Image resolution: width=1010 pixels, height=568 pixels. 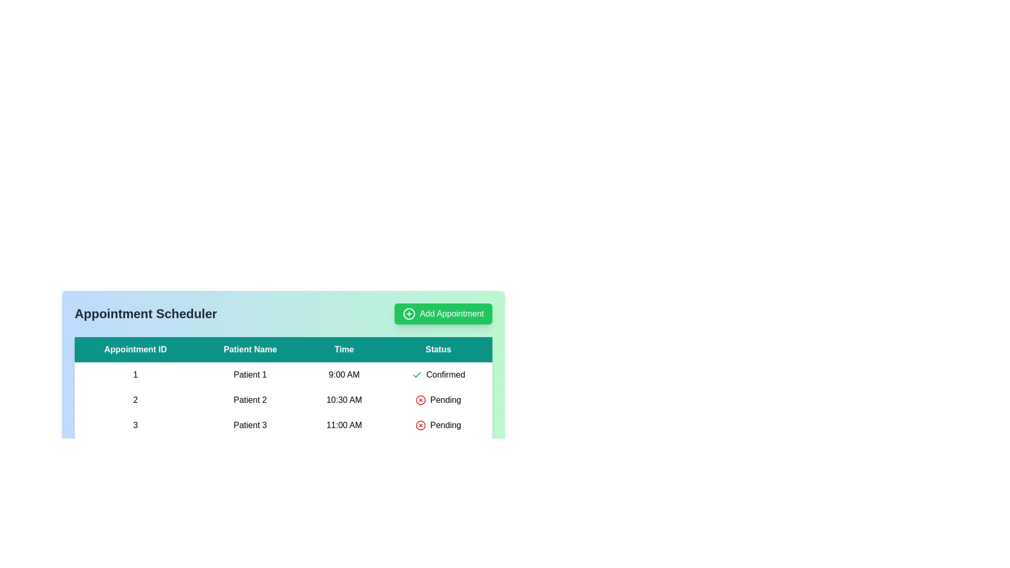 I want to click on the row corresponding to 2 to highlight it, so click(x=283, y=400).